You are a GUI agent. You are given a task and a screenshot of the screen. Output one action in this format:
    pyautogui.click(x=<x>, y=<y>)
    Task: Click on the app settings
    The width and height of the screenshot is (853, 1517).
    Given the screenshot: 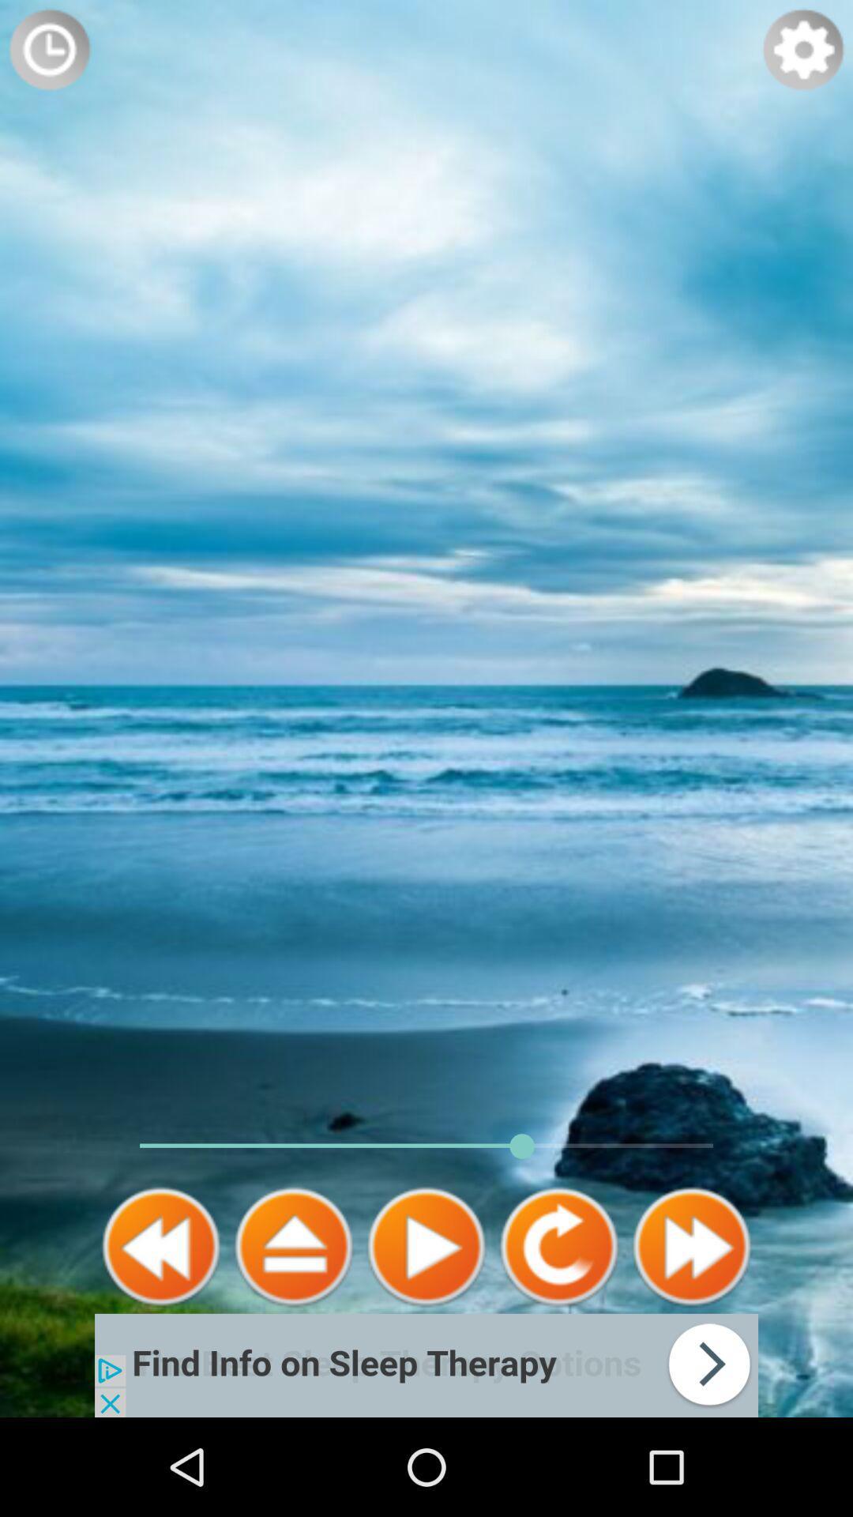 What is the action you would take?
    pyautogui.click(x=803, y=49)
    